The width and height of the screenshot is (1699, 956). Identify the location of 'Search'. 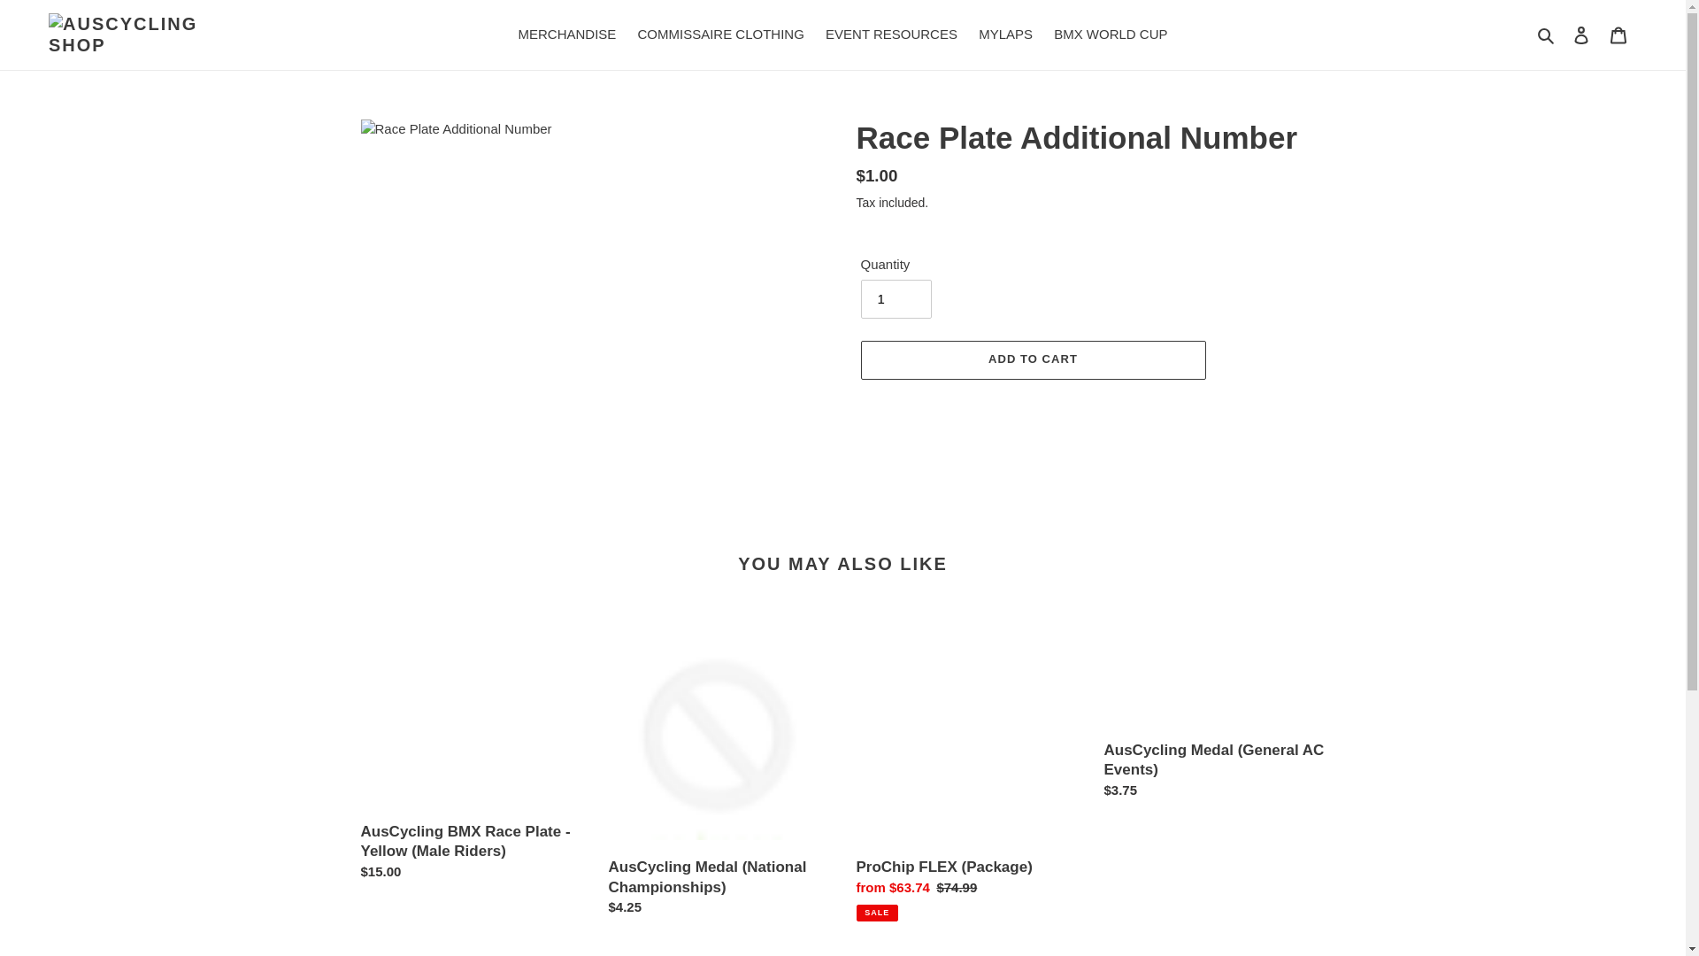
(1546, 35).